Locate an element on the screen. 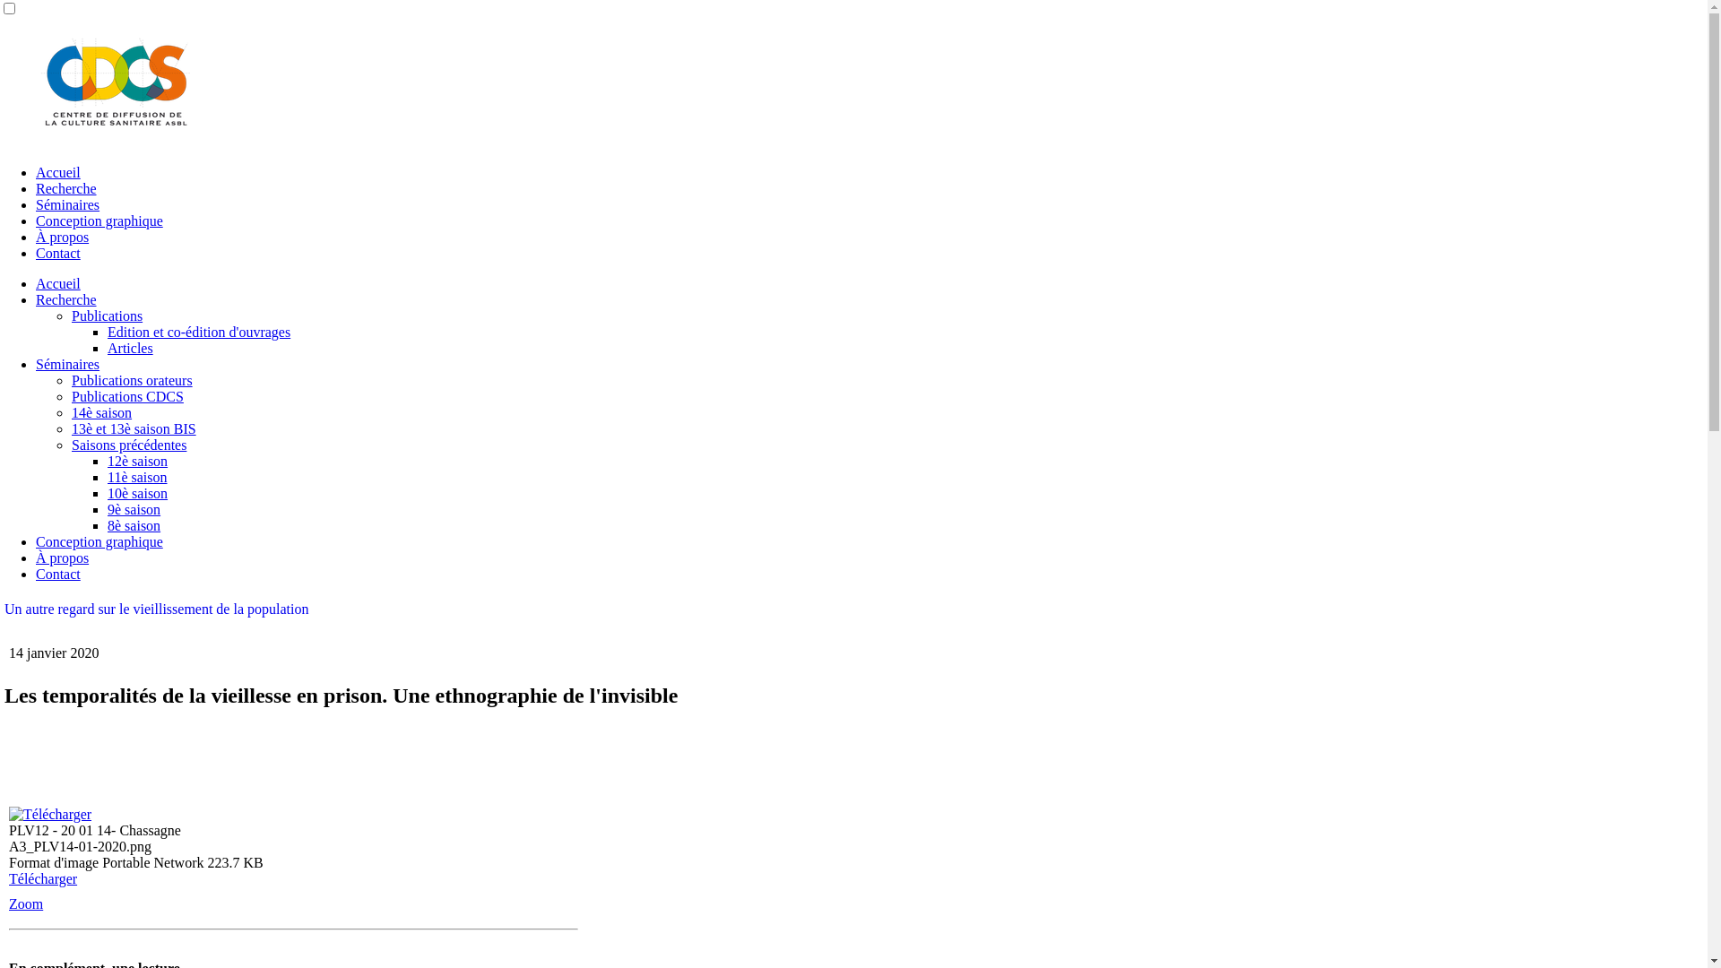  'Articles' is located at coordinates (129, 348).